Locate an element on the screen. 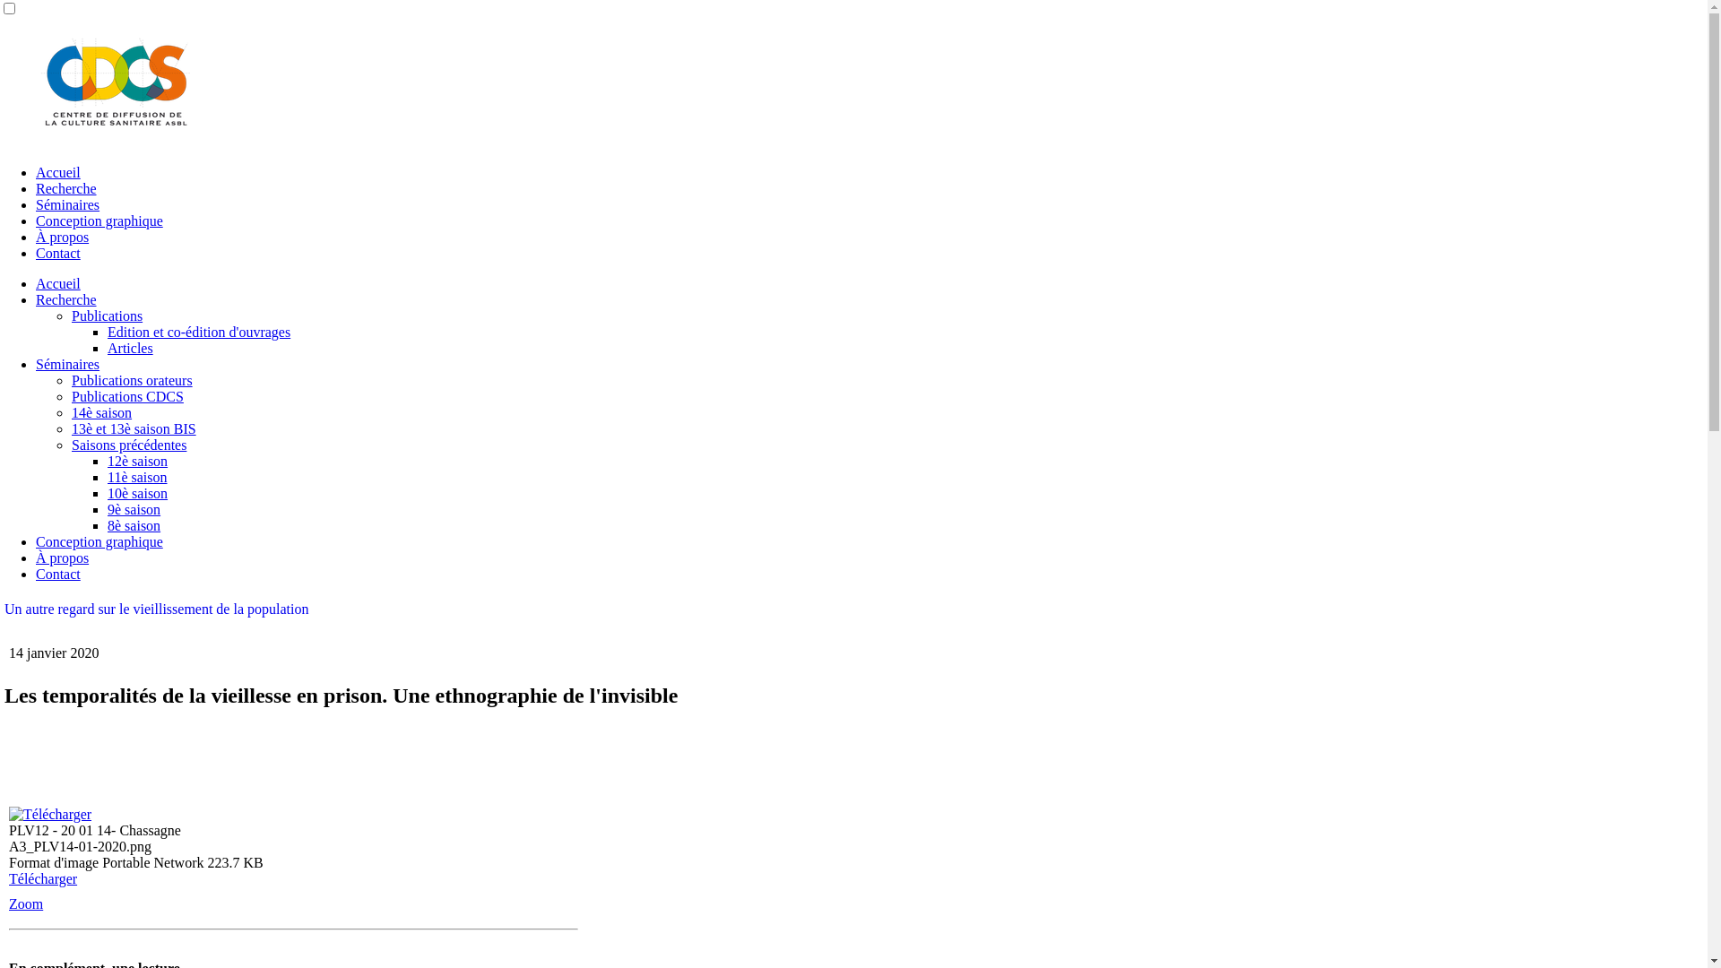  'Articles' is located at coordinates (129, 348).